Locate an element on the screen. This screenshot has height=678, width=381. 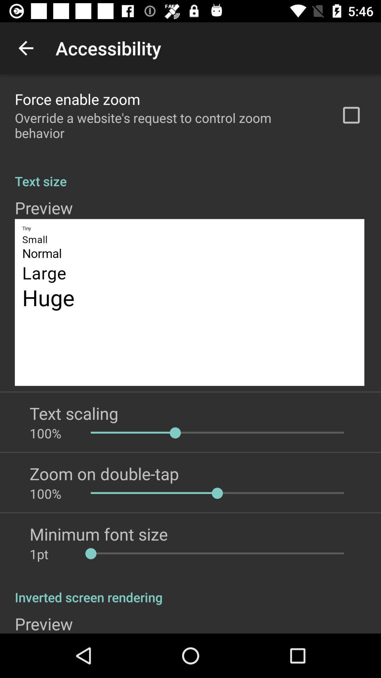
the minimum font size app is located at coordinates (98, 534).